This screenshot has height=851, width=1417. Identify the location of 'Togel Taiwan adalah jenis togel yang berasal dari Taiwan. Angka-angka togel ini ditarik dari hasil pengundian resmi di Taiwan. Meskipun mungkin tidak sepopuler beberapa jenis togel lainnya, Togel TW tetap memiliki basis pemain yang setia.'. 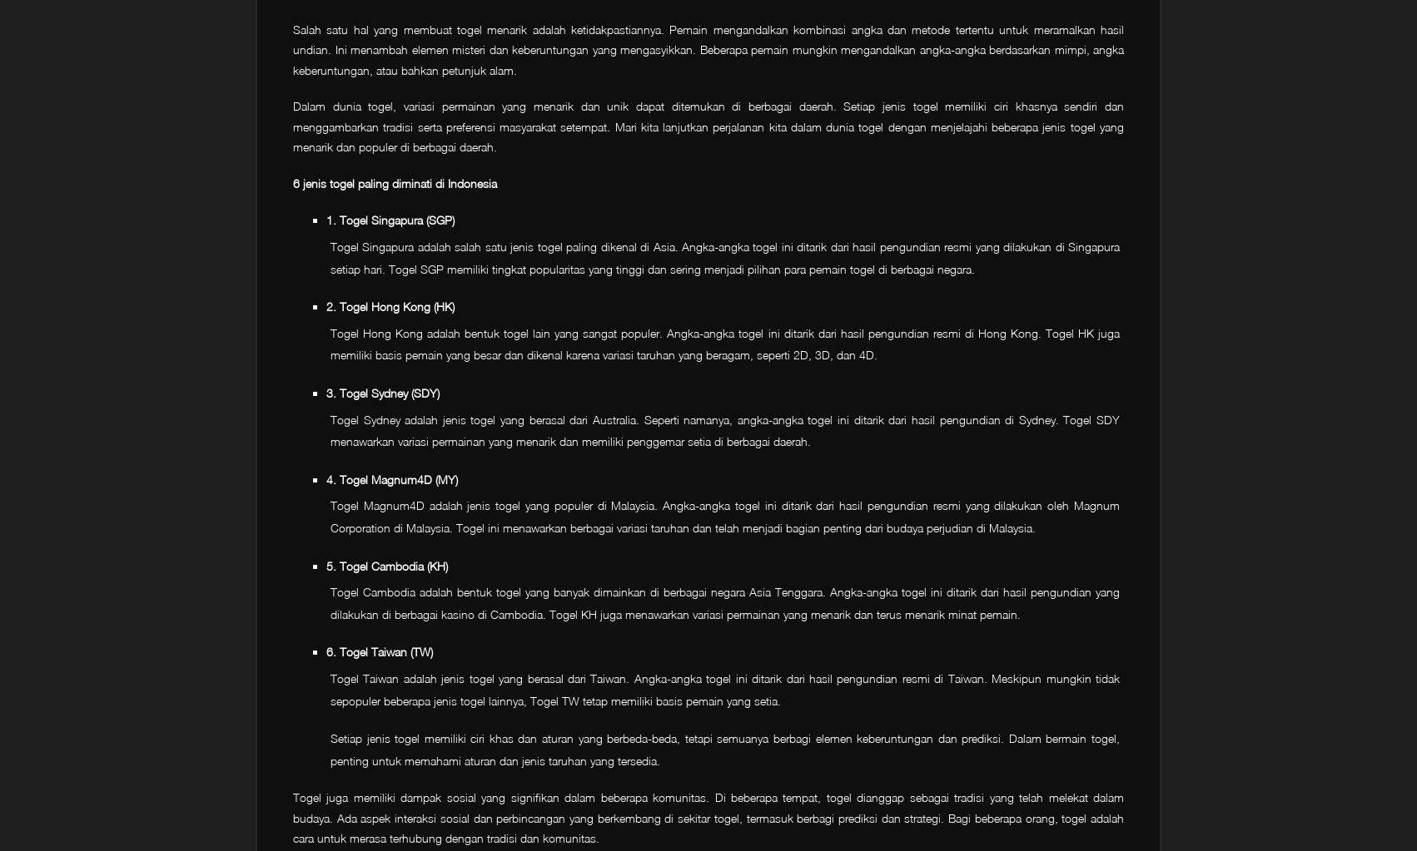
(725, 688).